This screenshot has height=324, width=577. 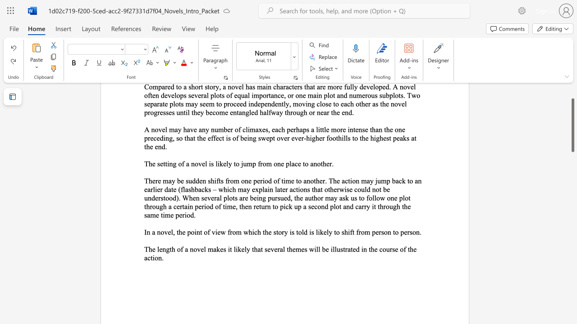 What do you see at coordinates (268, 232) in the screenshot?
I see `the subset text "e story is told is likely to s" within the text "In a novel, the point of view from which the story is told is likely to shift from person to person."` at bounding box center [268, 232].